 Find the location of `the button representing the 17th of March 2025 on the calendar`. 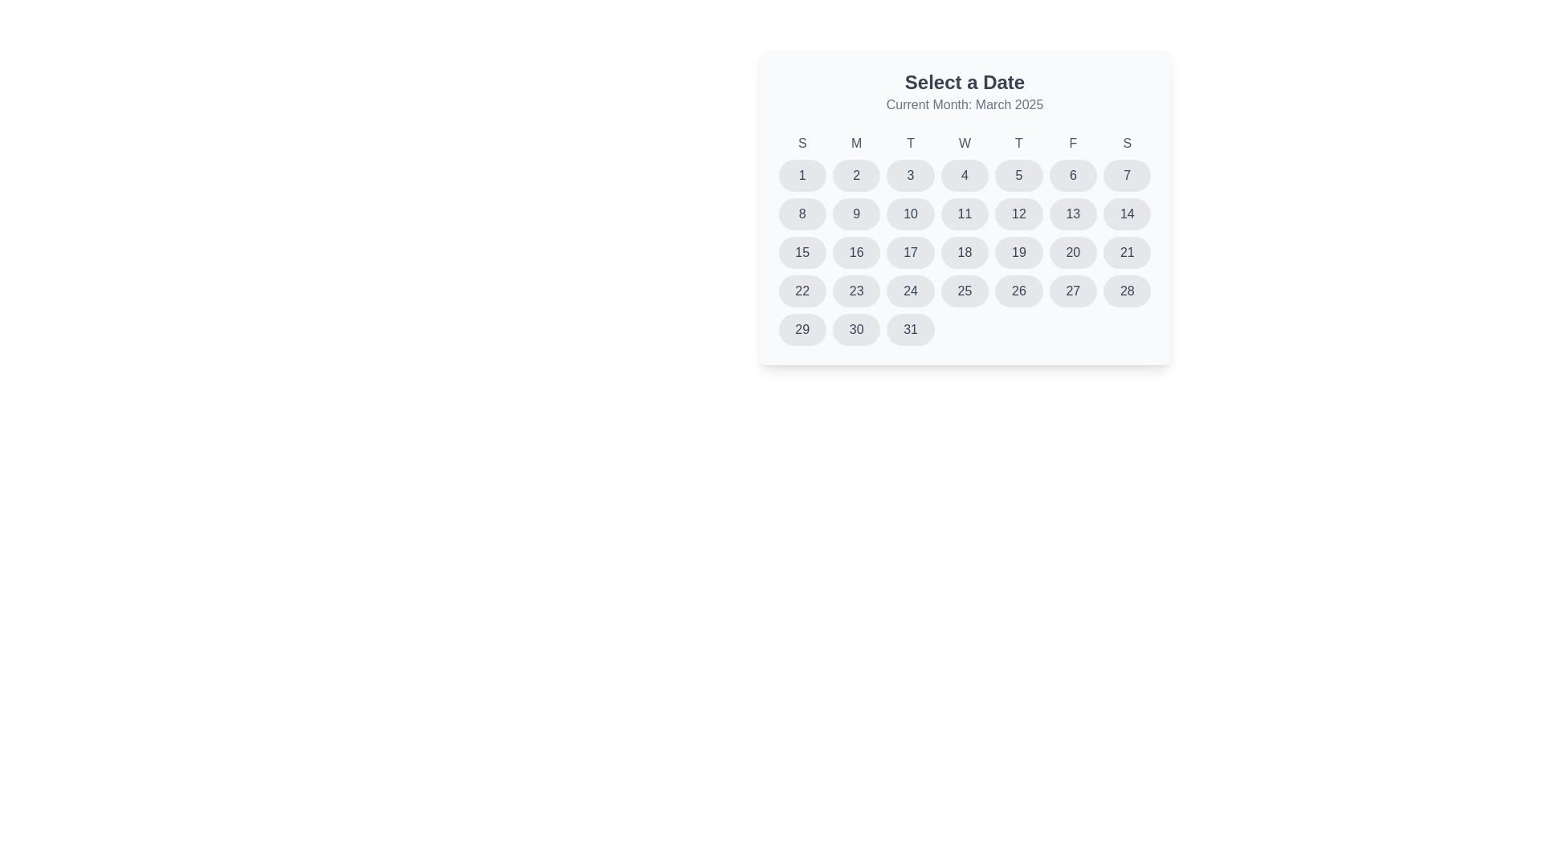

the button representing the 17th of March 2025 on the calendar is located at coordinates (911, 253).